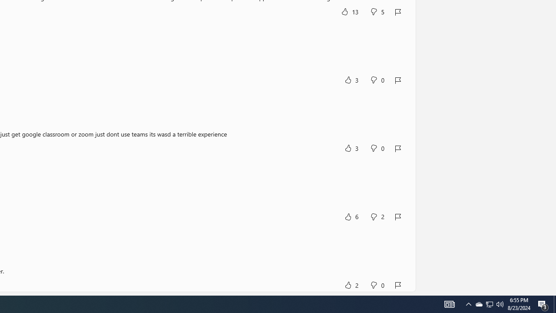  Describe the element at coordinates (351, 285) in the screenshot. I see `'Yes, this was helpful. 2 votes.'` at that location.